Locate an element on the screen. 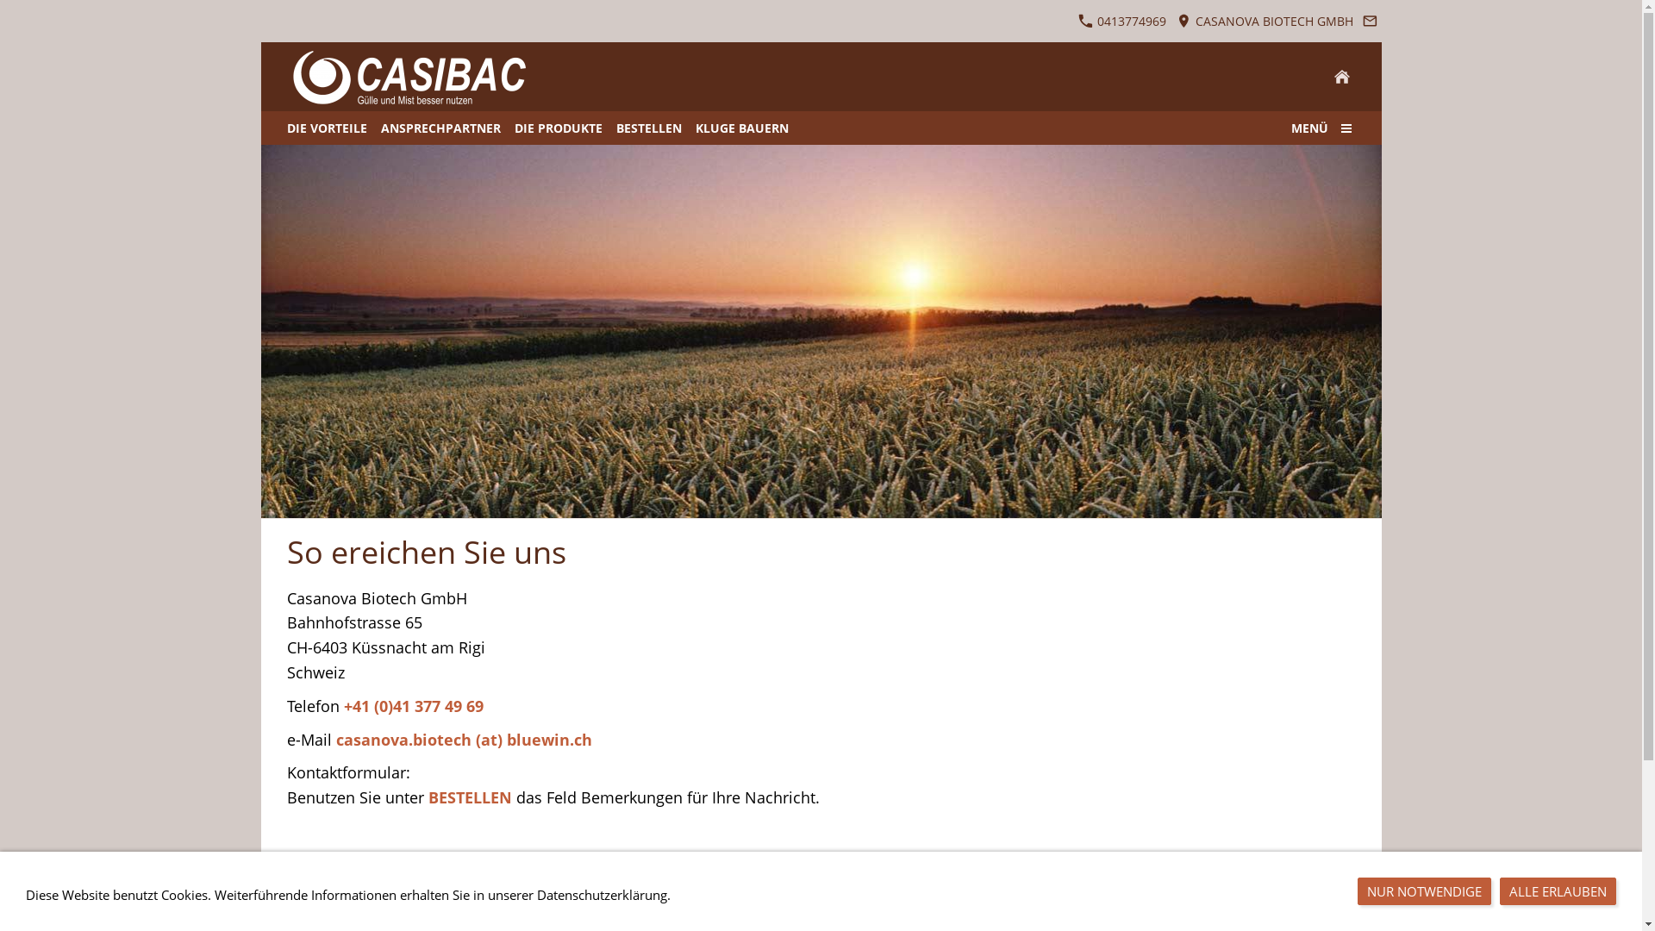 This screenshot has width=1655, height=931. 'DIE PRODUKTE' is located at coordinates (558, 127).